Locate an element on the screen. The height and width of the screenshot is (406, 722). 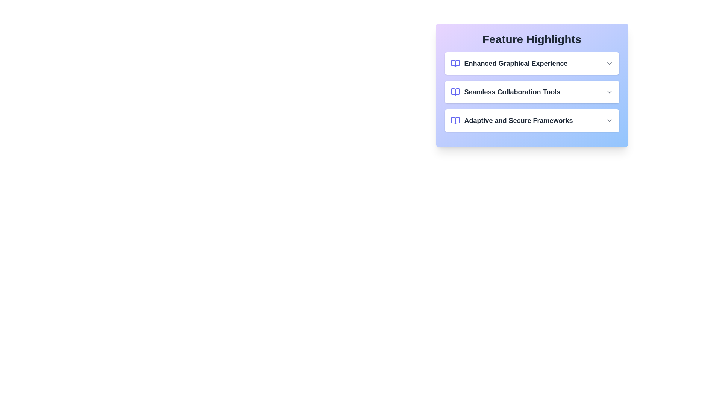
the right leaf of the open book icon, which is located to the left of the 'Adaptive and Secure Frameworks' text in the last item of the 'Feature Highlights' section is located at coordinates (455, 120).